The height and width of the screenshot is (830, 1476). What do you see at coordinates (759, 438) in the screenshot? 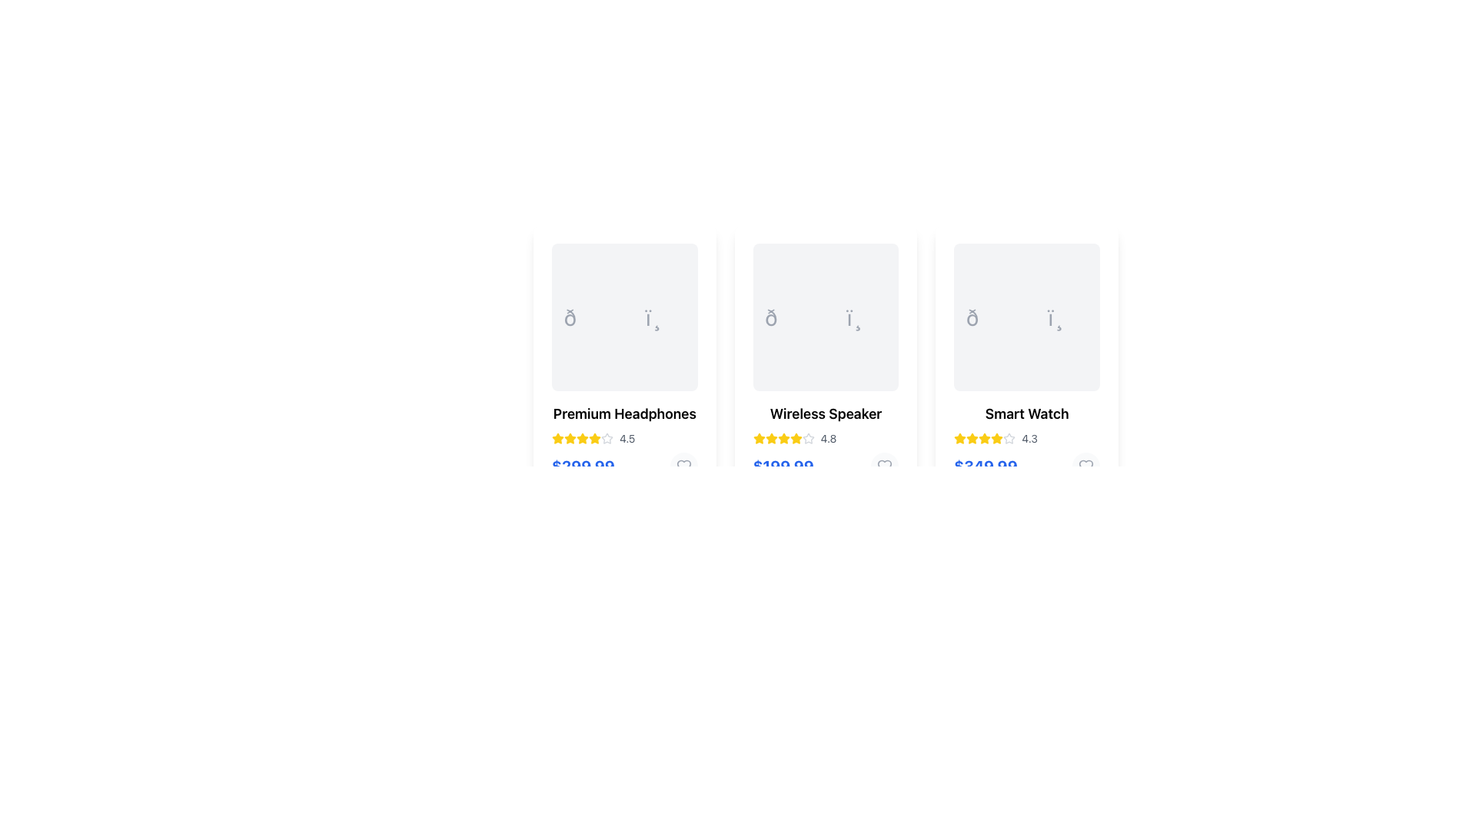
I see `the first star in the five-star rating for the product 'Wireless Speaker', which indicates product quality based on user ratings` at bounding box center [759, 438].